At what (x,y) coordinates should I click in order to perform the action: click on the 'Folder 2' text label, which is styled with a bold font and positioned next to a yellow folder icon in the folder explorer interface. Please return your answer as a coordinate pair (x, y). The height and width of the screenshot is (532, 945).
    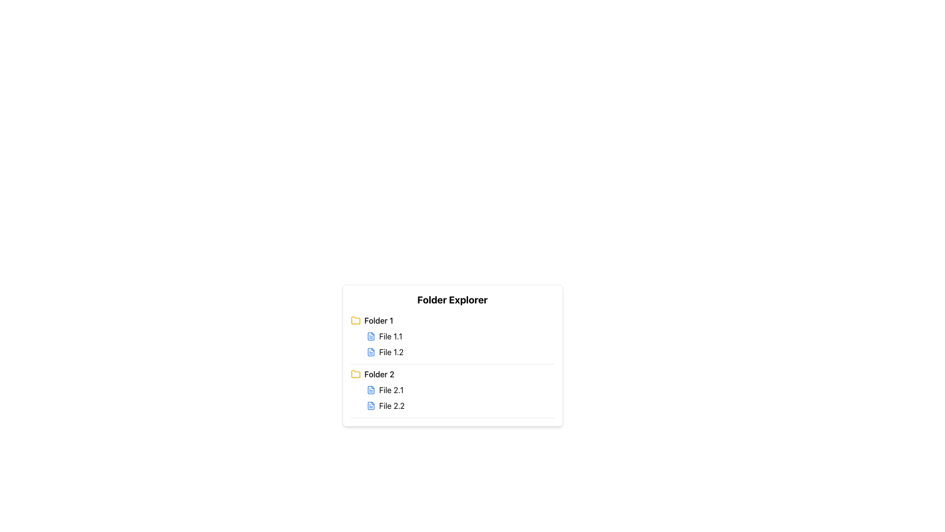
    Looking at the image, I should click on (378, 374).